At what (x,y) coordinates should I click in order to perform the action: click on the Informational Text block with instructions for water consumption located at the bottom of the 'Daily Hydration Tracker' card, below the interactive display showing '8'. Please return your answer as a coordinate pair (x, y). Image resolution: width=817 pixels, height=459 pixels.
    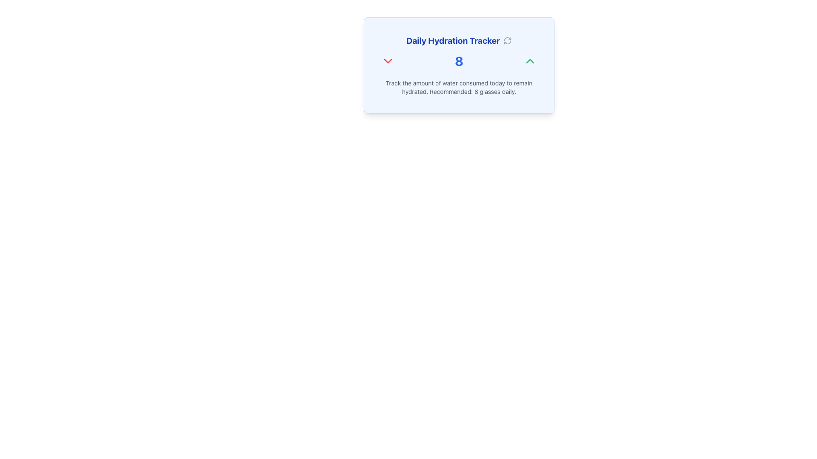
    Looking at the image, I should click on (459, 87).